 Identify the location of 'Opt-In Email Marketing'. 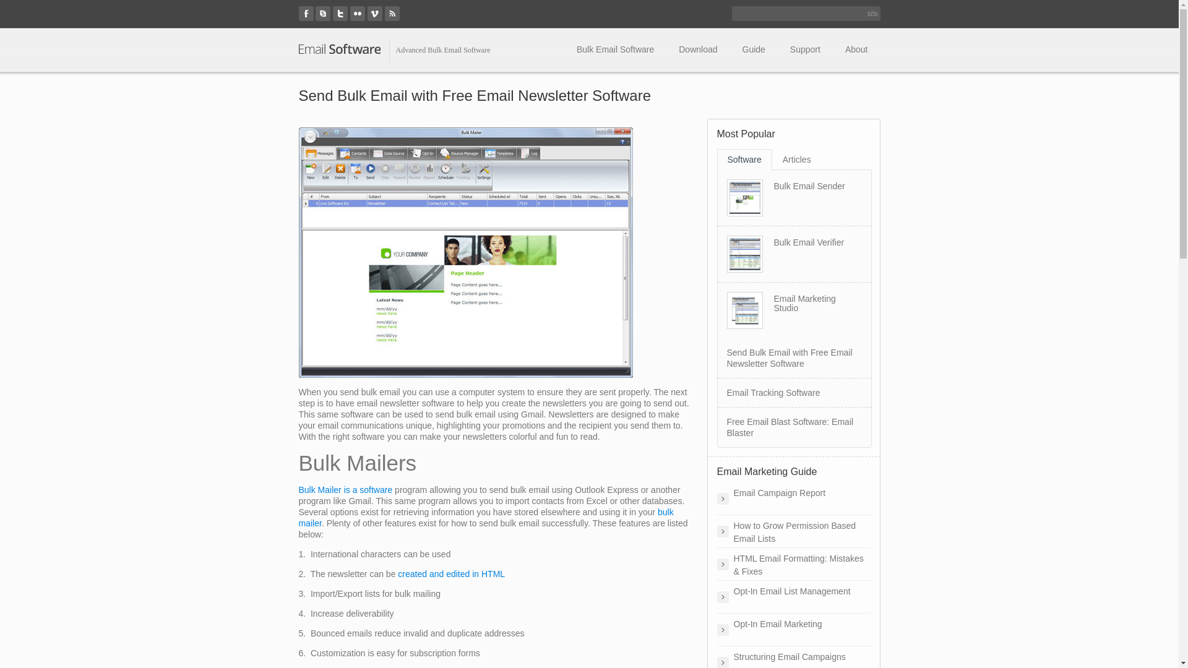
(793, 630).